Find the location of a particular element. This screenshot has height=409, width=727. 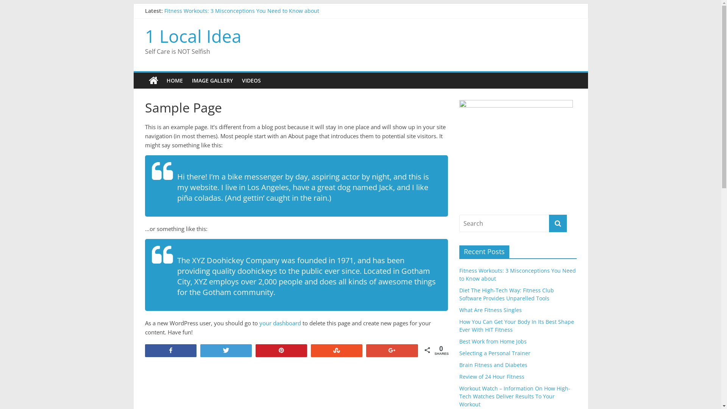

'your dashboard' is located at coordinates (279, 323).